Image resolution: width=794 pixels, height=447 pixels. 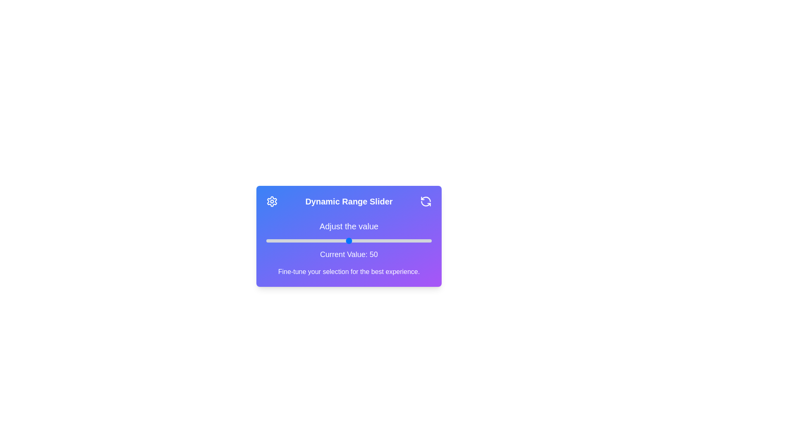 What do you see at coordinates (365, 241) in the screenshot?
I see `the slider to set the value to 60` at bounding box center [365, 241].